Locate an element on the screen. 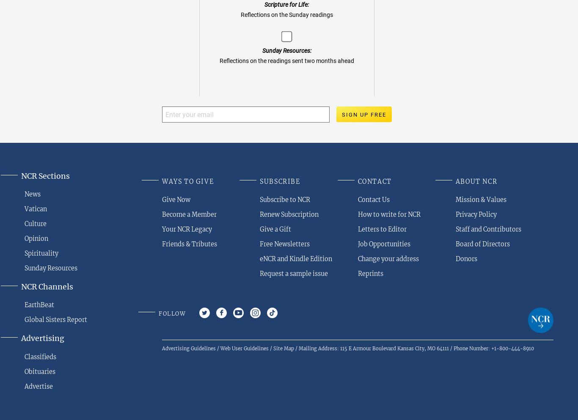  'Spirituality' is located at coordinates (41, 253).